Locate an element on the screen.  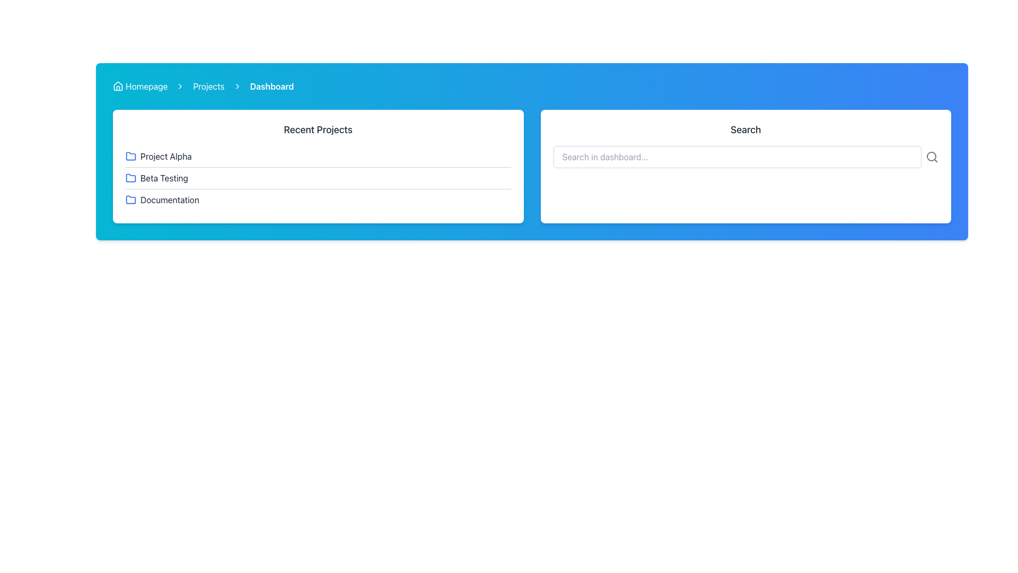
the breadcrumb navigation text that indicates the current page, which is the last item in the sequence after 'Homepage' and 'Projects' is located at coordinates (272, 85).